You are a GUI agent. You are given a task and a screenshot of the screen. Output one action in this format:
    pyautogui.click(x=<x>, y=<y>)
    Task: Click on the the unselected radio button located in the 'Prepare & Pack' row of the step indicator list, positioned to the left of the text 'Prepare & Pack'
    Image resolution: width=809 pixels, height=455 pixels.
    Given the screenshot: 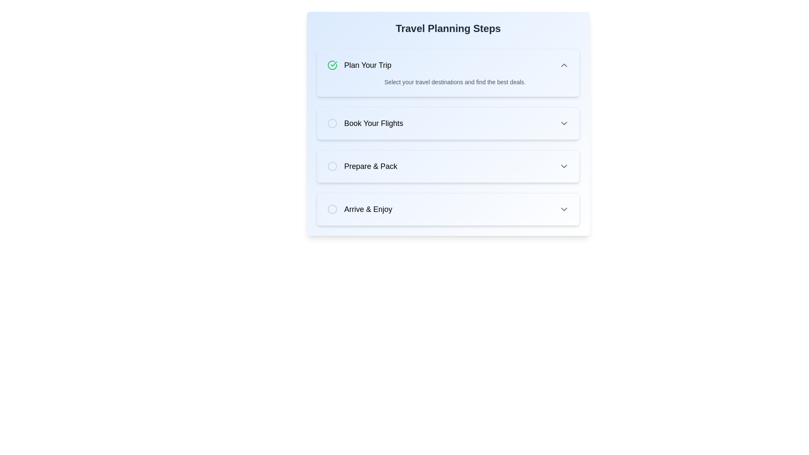 What is the action you would take?
    pyautogui.click(x=332, y=166)
    